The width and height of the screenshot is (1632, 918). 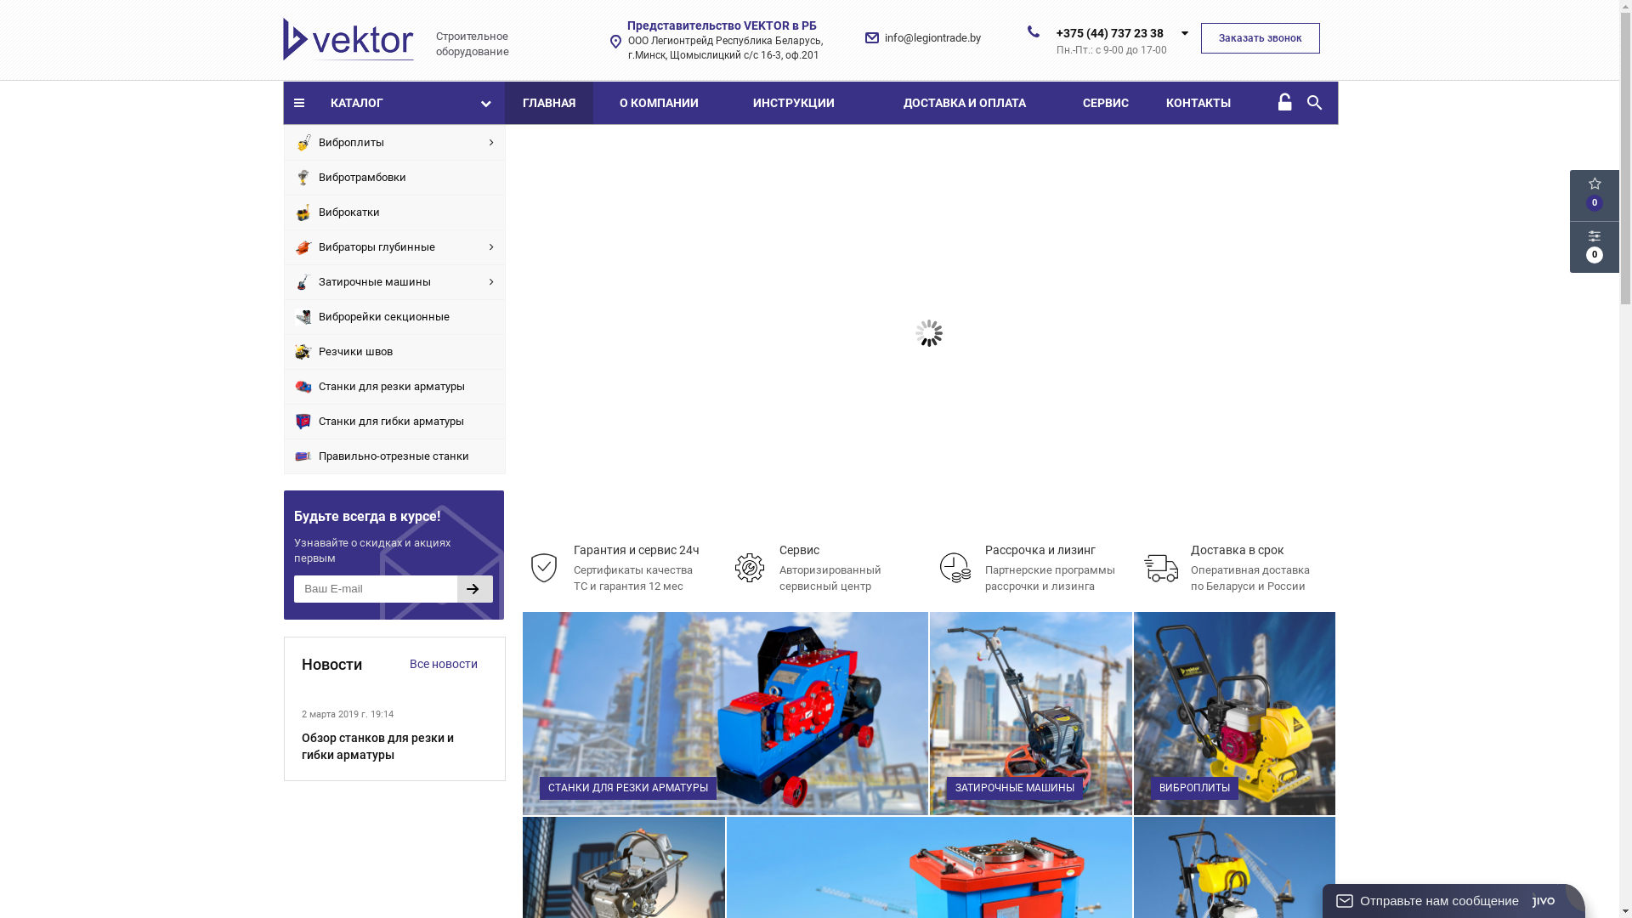 I want to click on 'info@legiontrade.by', so click(x=932, y=37).